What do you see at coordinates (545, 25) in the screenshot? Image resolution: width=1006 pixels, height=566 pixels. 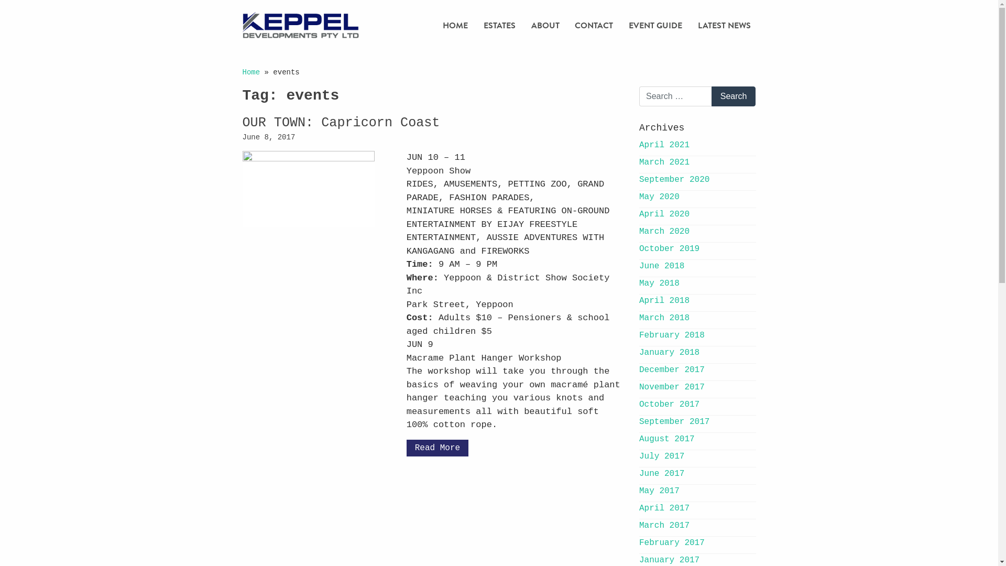 I see `'ABOUT'` at bounding box center [545, 25].